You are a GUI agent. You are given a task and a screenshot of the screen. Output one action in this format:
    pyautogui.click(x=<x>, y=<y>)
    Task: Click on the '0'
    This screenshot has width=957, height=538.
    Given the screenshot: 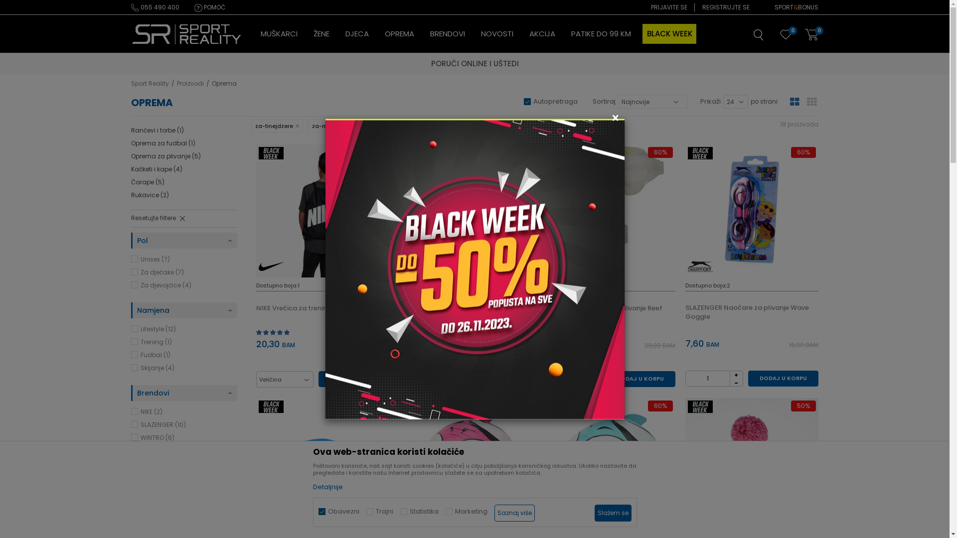 What is the action you would take?
    pyautogui.click(x=785, y=35)
    